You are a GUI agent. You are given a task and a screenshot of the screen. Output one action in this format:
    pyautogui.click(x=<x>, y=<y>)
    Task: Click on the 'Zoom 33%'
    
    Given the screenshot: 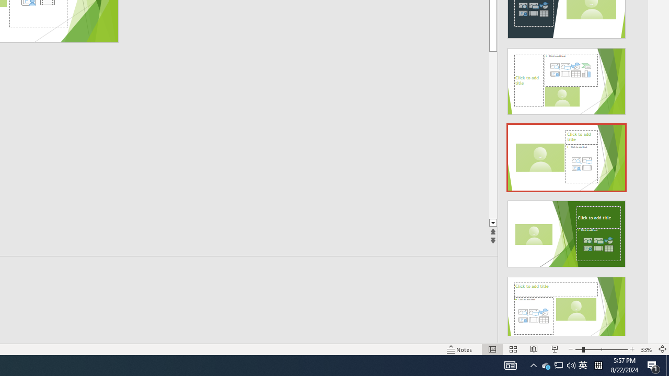 What is the action you would take?
    pyautogui.click(x=646, y=349)
    